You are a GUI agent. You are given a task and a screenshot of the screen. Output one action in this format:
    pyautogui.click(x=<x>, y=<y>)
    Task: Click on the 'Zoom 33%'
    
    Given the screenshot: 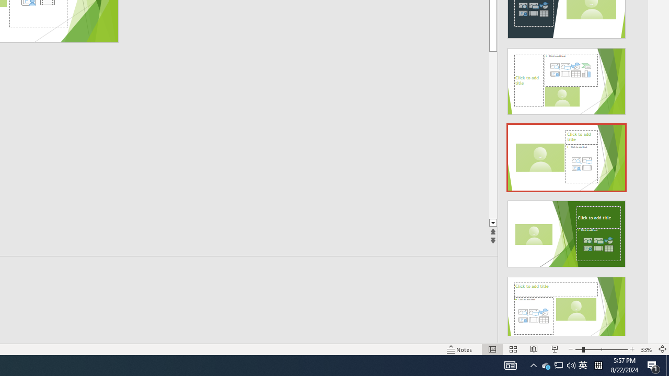 What is the action you would take?
    pyautogui.click(x=646, y=349)
    